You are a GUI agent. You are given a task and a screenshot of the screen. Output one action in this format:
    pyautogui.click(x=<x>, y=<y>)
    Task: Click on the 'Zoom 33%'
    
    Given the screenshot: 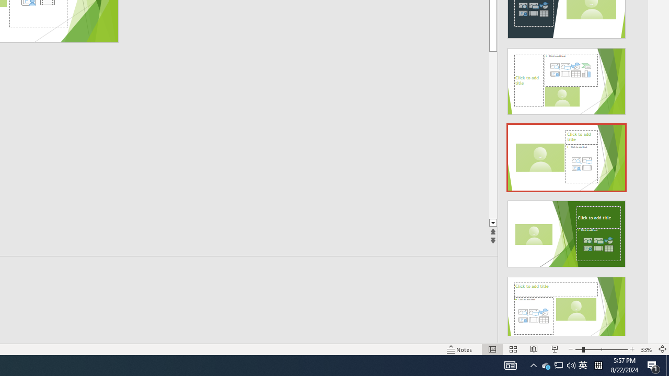 What is the action you would take?
    pyautogui.click(x=646, y=349)
    